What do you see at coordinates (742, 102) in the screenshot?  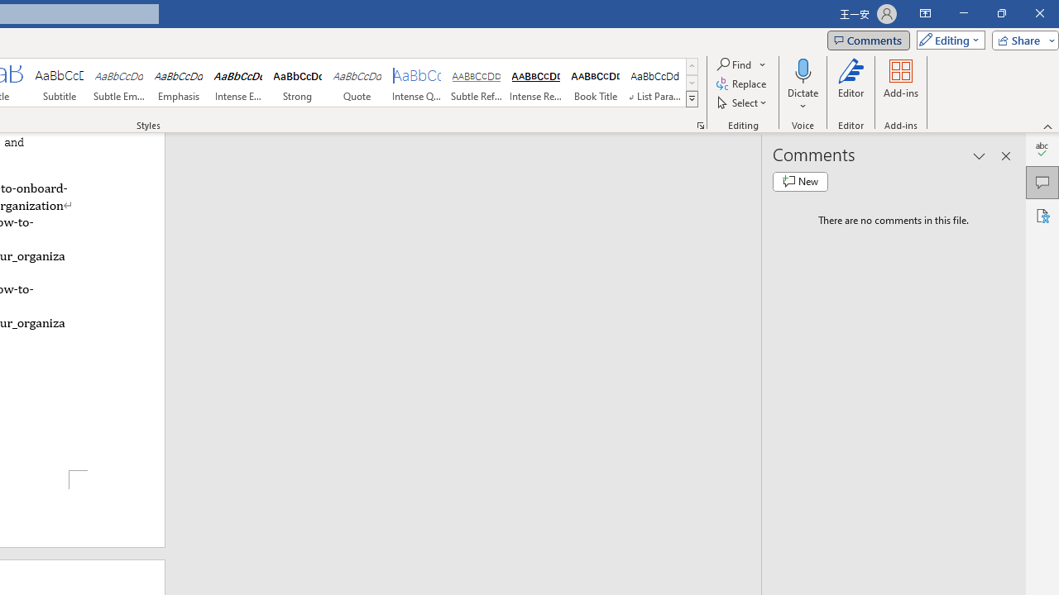 I see `'Select'` at bounding box center [742, 102].